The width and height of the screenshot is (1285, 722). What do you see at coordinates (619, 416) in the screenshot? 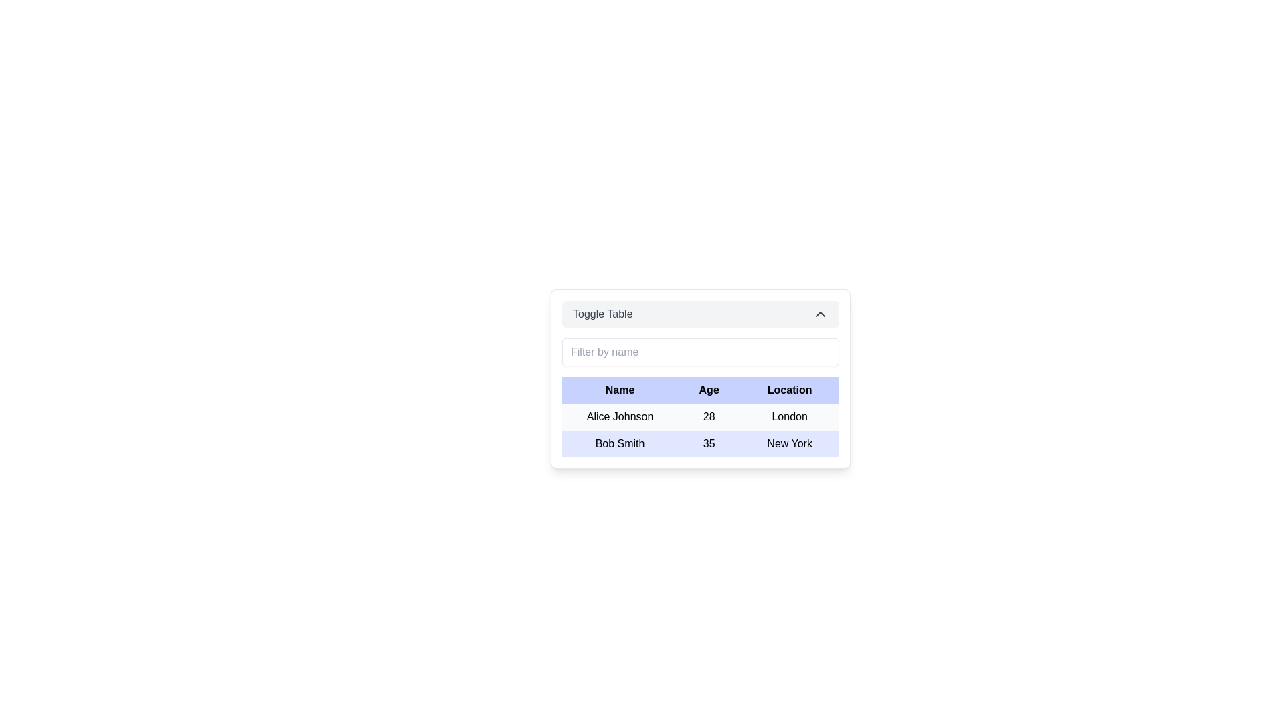
I see `the text label displaying the name 'Alice Johnson', which is located in the first column of the table row under the 'Name' header` at bounding box center [619, 416].